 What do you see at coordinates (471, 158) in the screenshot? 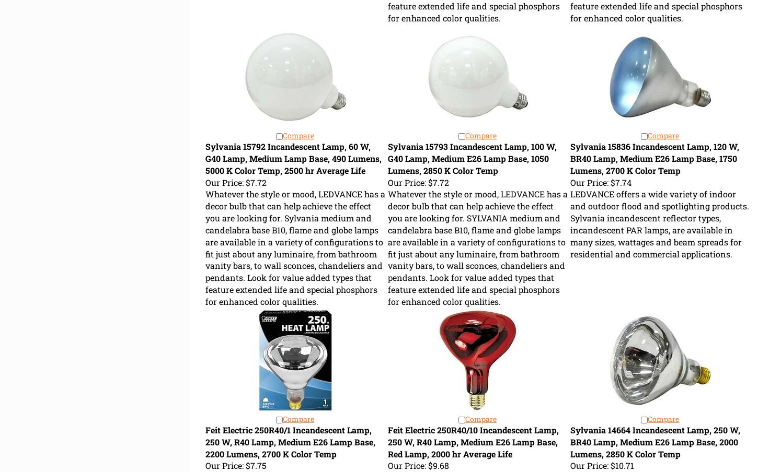
I see `'Sylvania 15793 Incandescent Lamp, 100 W, G40 Lamp, Medium E26 Lamp Base, 1050 Lumens, 2850 K Color Temp'` at bounding box center [471, 158].